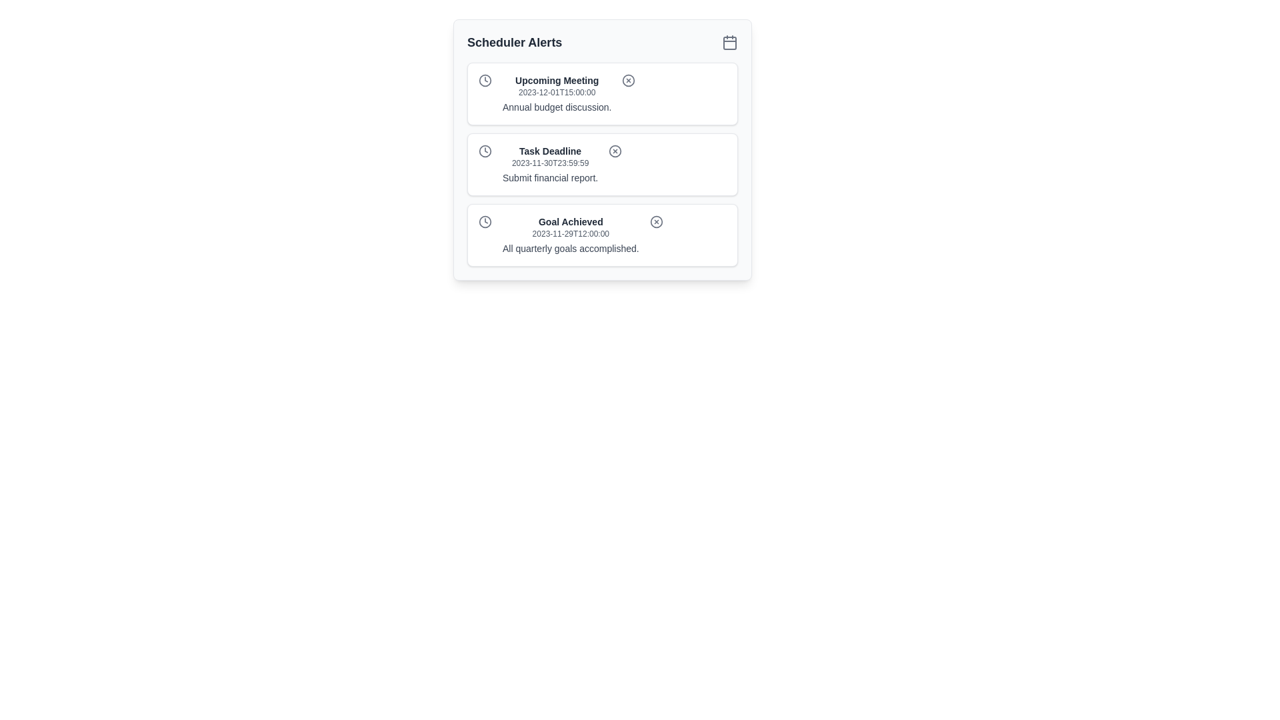 This screenshot has height=720, width=1280. What do you see at coordinates (485, 80) in the screenshot?
I see `the clock-shaped icon located to the left of the 'Upcoming Meeting' text in the 'Scheduler Alerts' section` at bounding box center [485, 80].